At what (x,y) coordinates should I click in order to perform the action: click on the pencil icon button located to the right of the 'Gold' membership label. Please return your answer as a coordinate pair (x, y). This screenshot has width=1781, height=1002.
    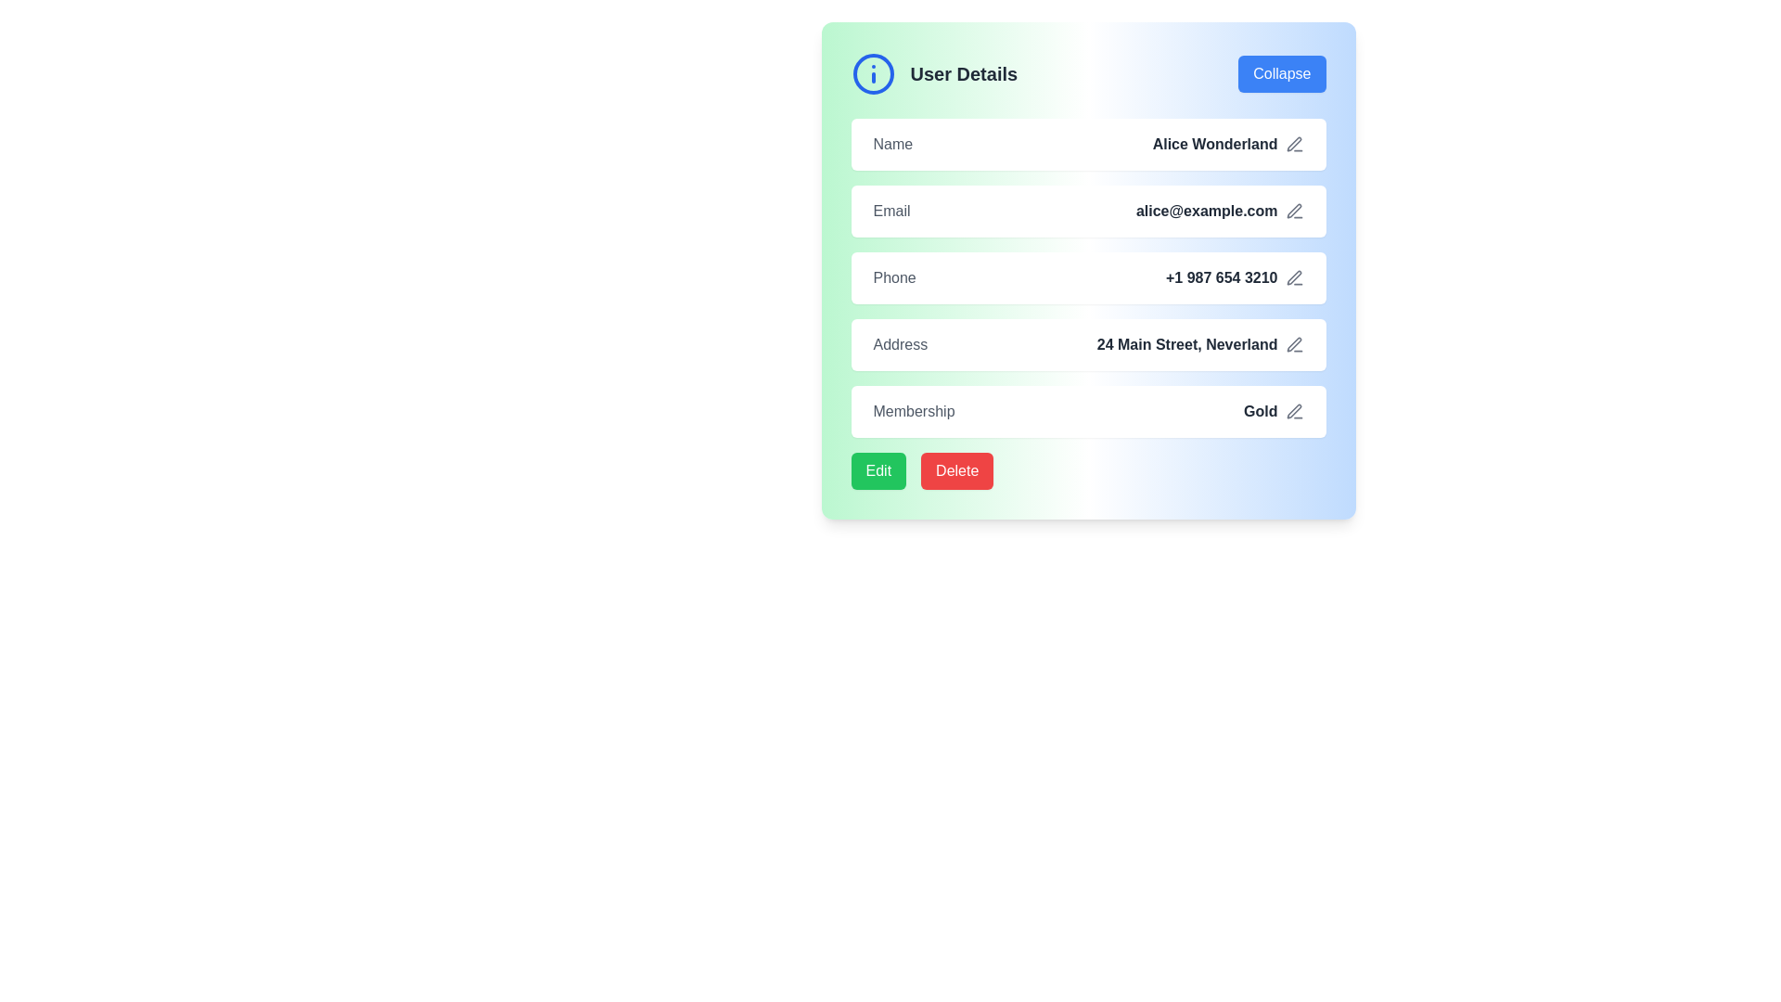
    Looking at the image, I should click on (1293, 410).